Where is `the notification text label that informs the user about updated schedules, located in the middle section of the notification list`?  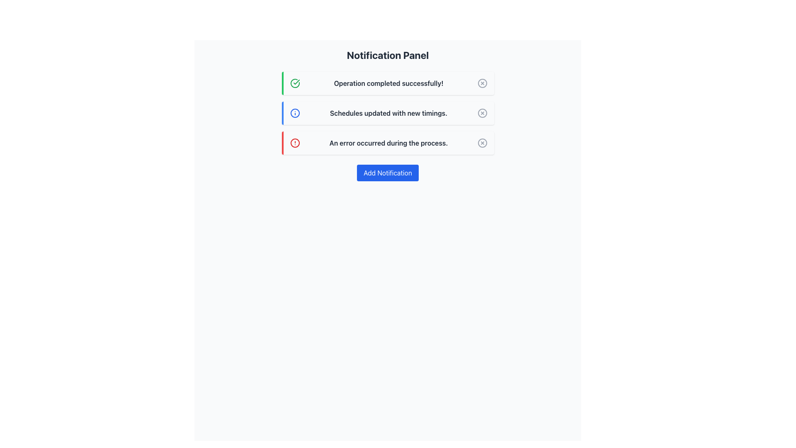
the notification text label that informs the user about updated schedules, located in the middle section of the notification list is located at coordinates (388, 113).